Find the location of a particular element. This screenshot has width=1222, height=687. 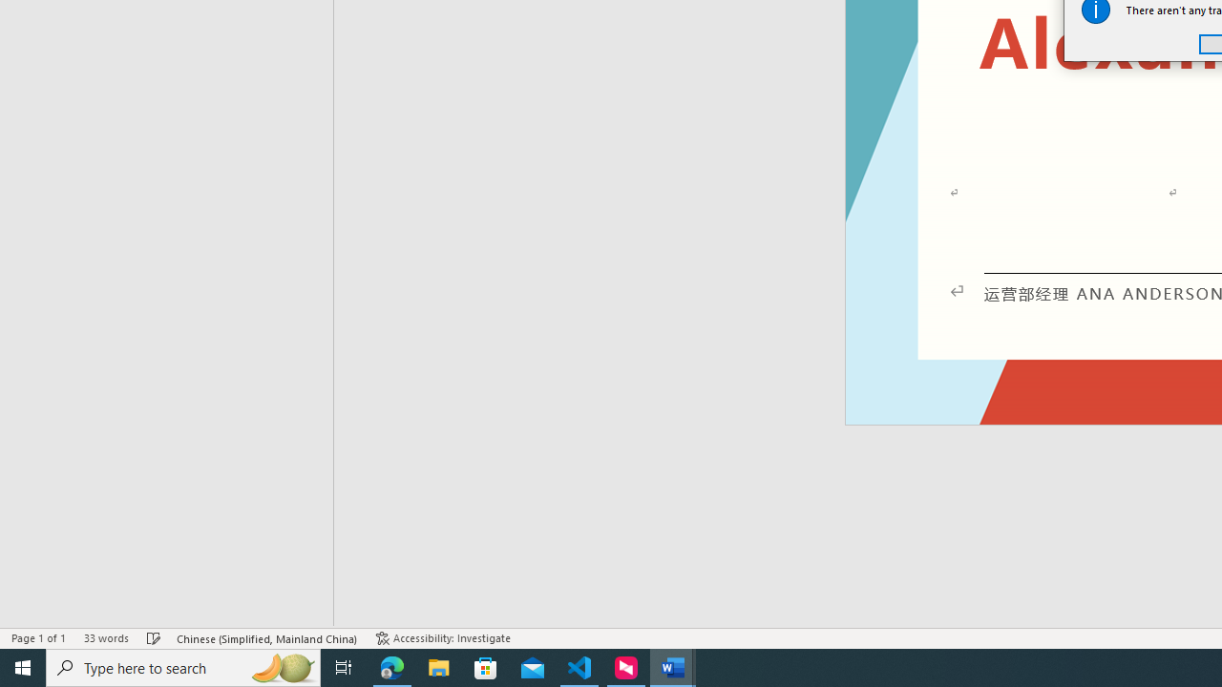

'File Explorer' is located at coordinates (438, 666).